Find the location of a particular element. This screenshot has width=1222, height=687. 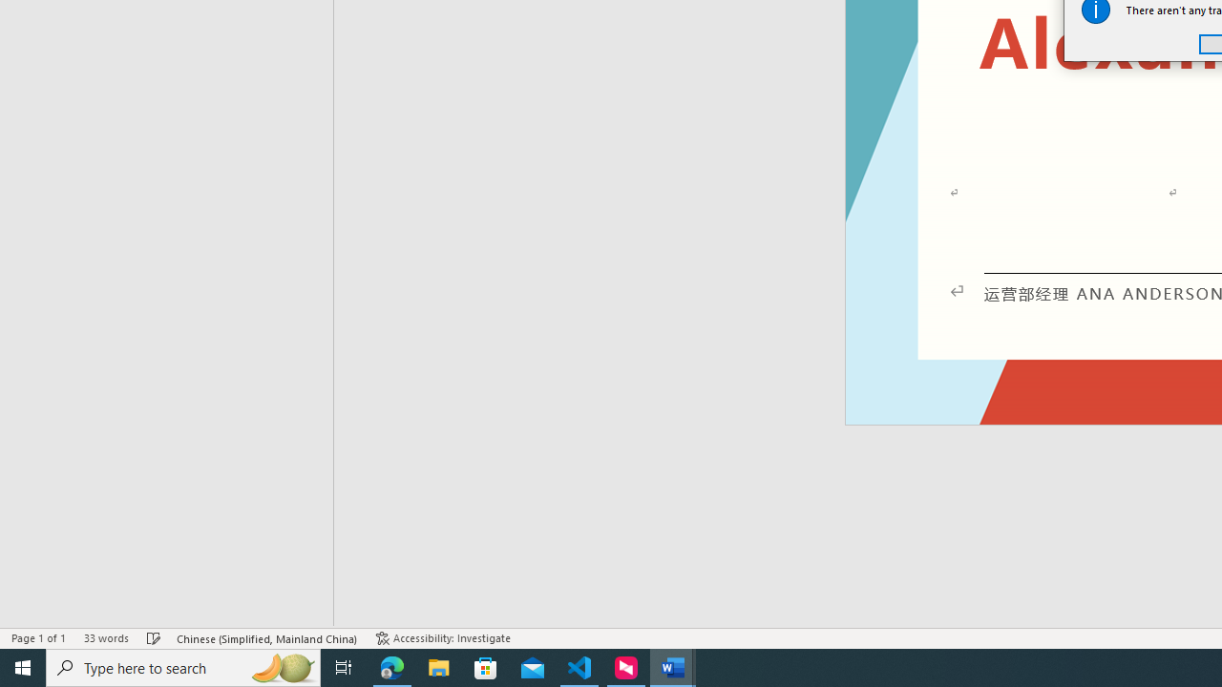

'File Explorer' is located at coordinates (438, 666).